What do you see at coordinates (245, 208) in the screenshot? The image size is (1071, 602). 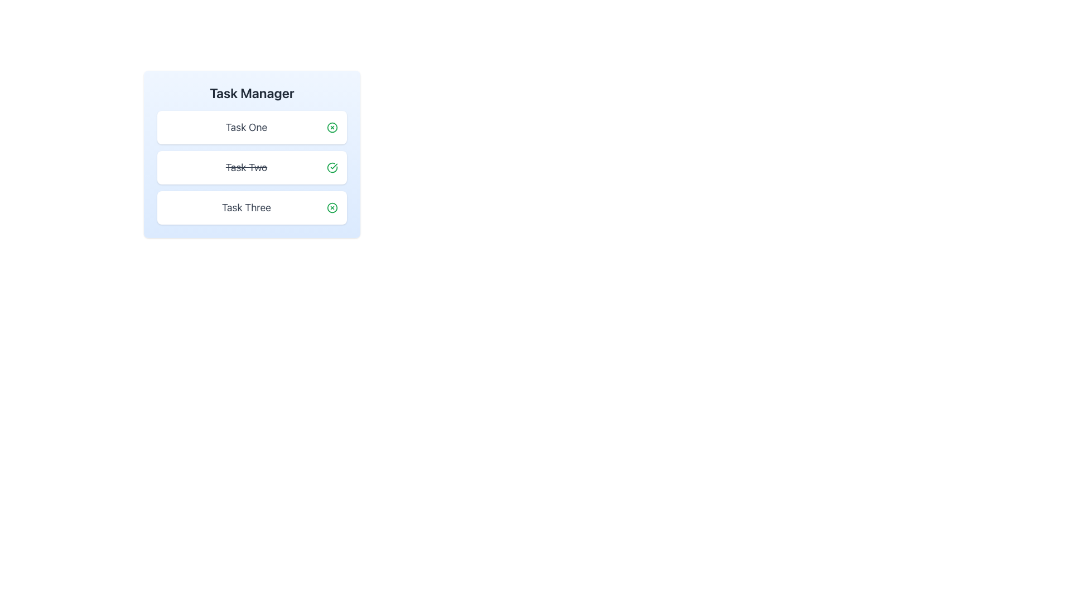 I see `the text label displaying 'Task Three' in a bold, gray font within the task list under 'Task Manager'` at bounding box center [245, 208].